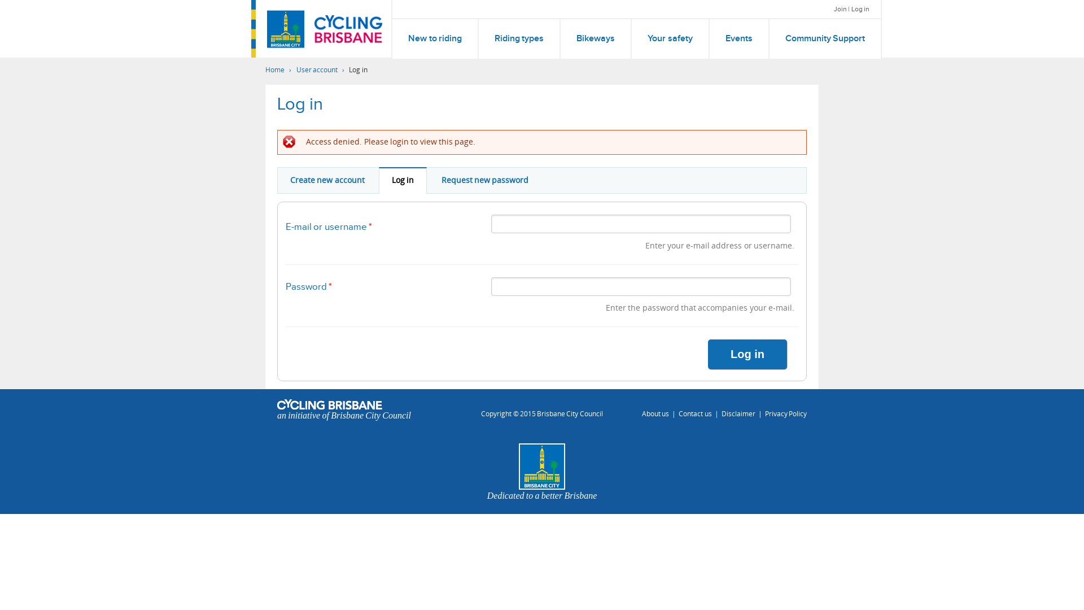  Describe the element at coordinates (327, 180) in the screenshot. I see `'Create new account'` at that location.